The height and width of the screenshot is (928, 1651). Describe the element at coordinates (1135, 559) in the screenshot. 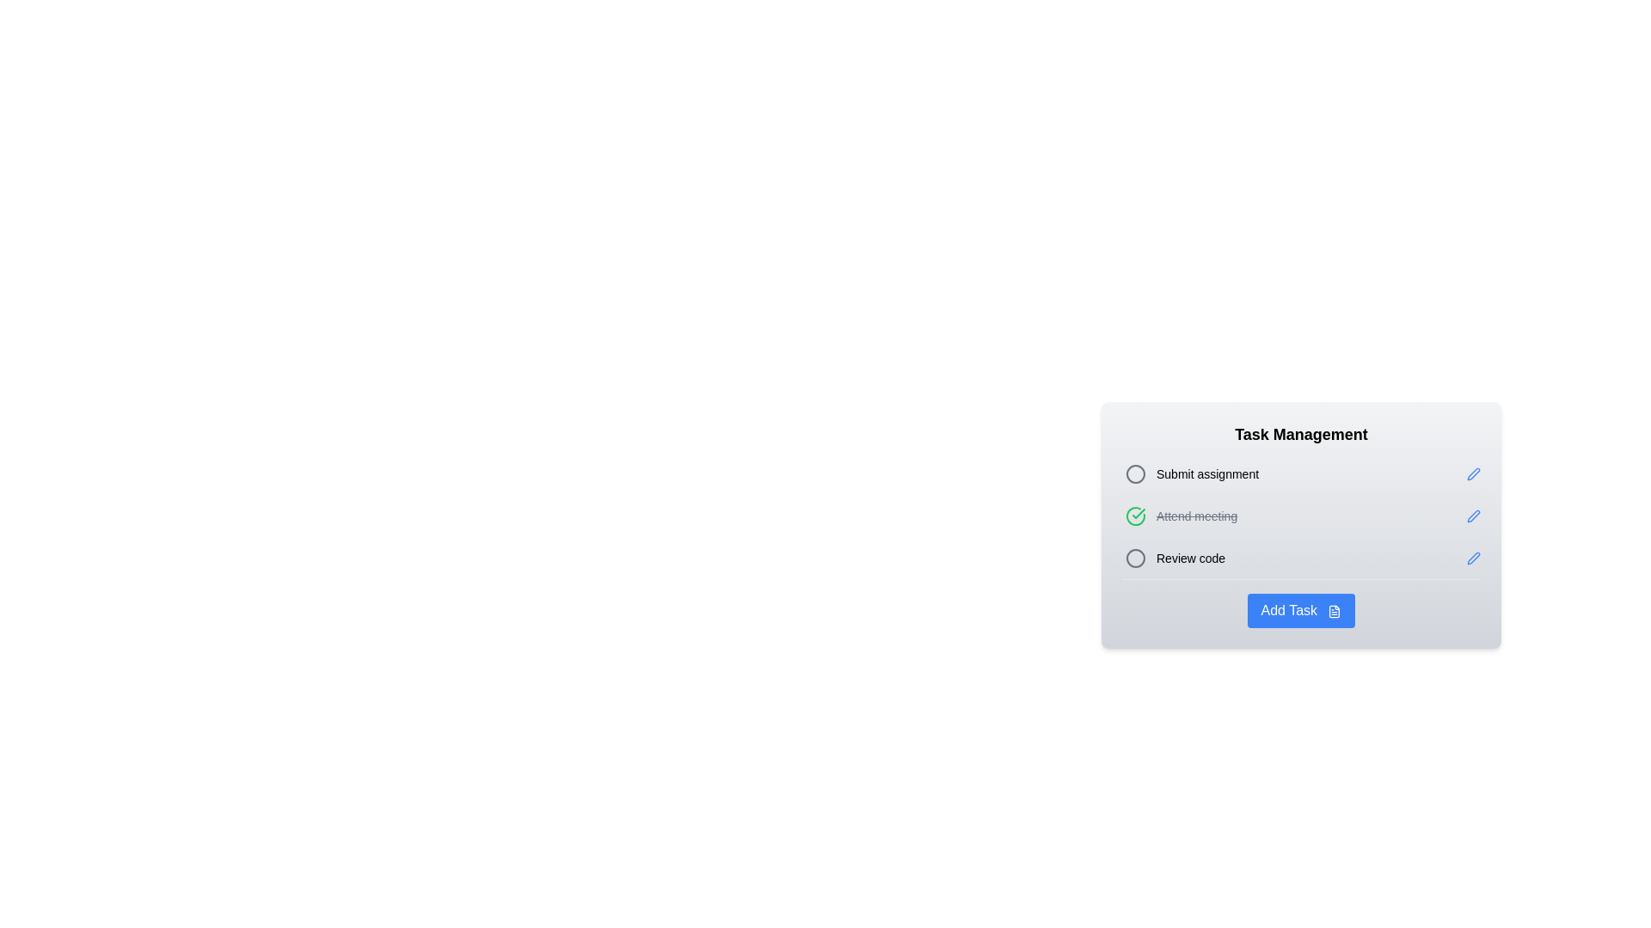

I see `the third Circle Indicator in the task management interface, which is a hollow gray circle aligned with the text 'Review code.'` at that location.